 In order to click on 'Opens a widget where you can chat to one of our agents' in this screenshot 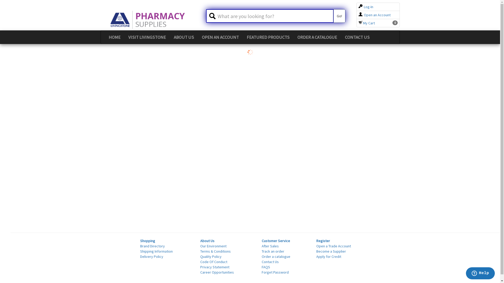, I will do `click(480, 274)`.